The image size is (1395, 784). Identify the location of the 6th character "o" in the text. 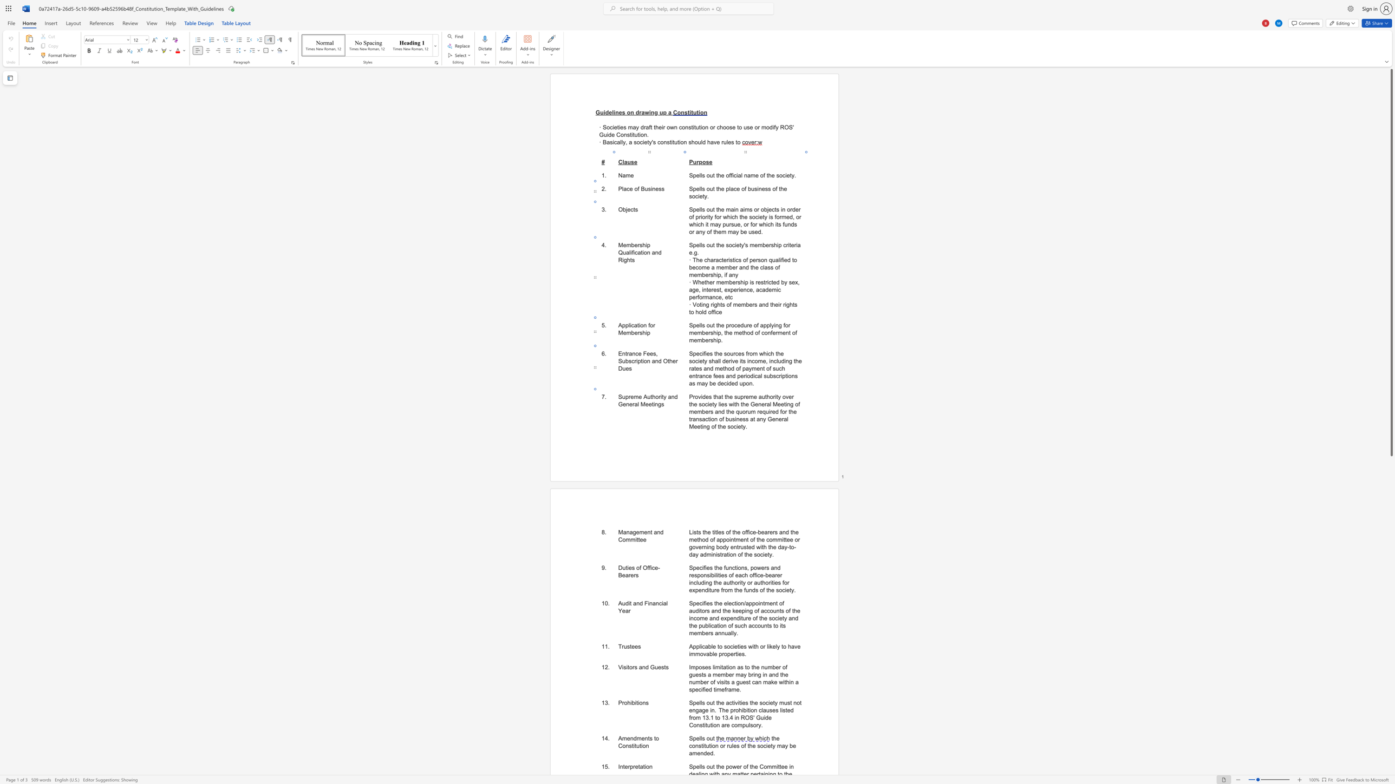
(735, 582).